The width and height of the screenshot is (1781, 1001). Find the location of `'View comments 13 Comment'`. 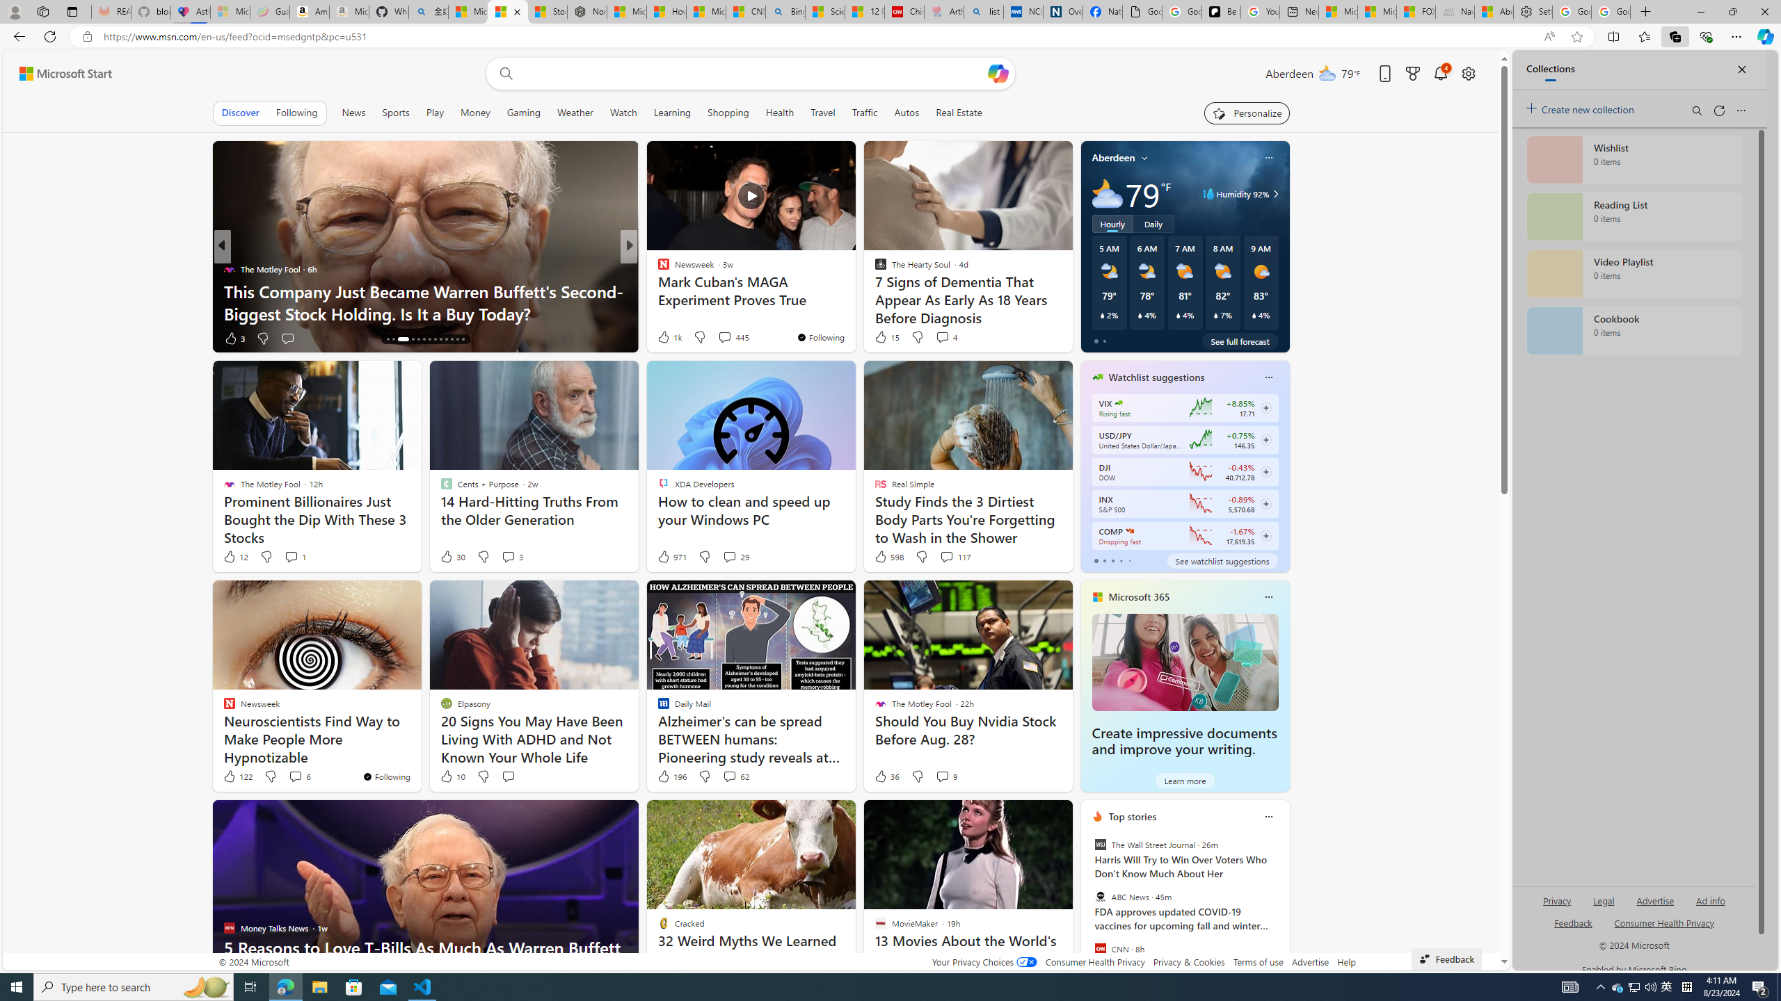

'View comments 13 Comment' is located at coordinates (730, 338).